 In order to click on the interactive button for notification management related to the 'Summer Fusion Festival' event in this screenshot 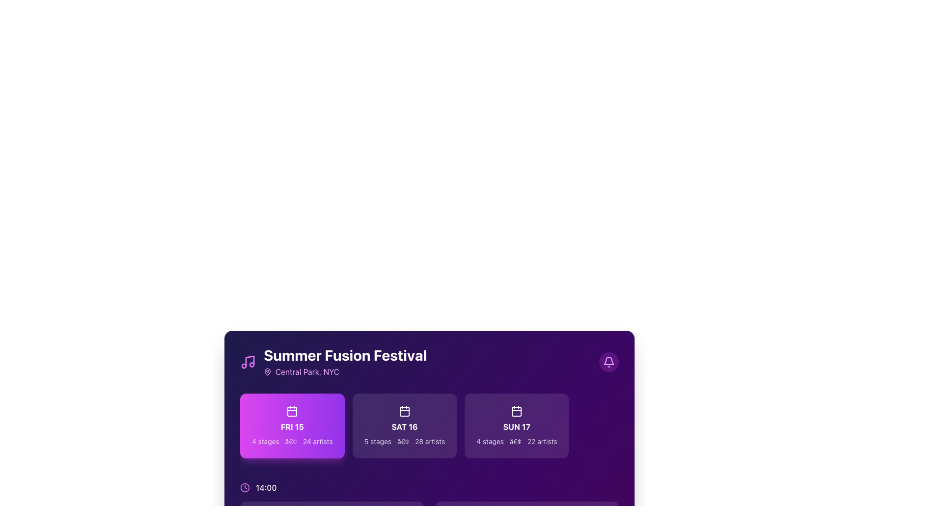, I will do `click(608, 362)`.